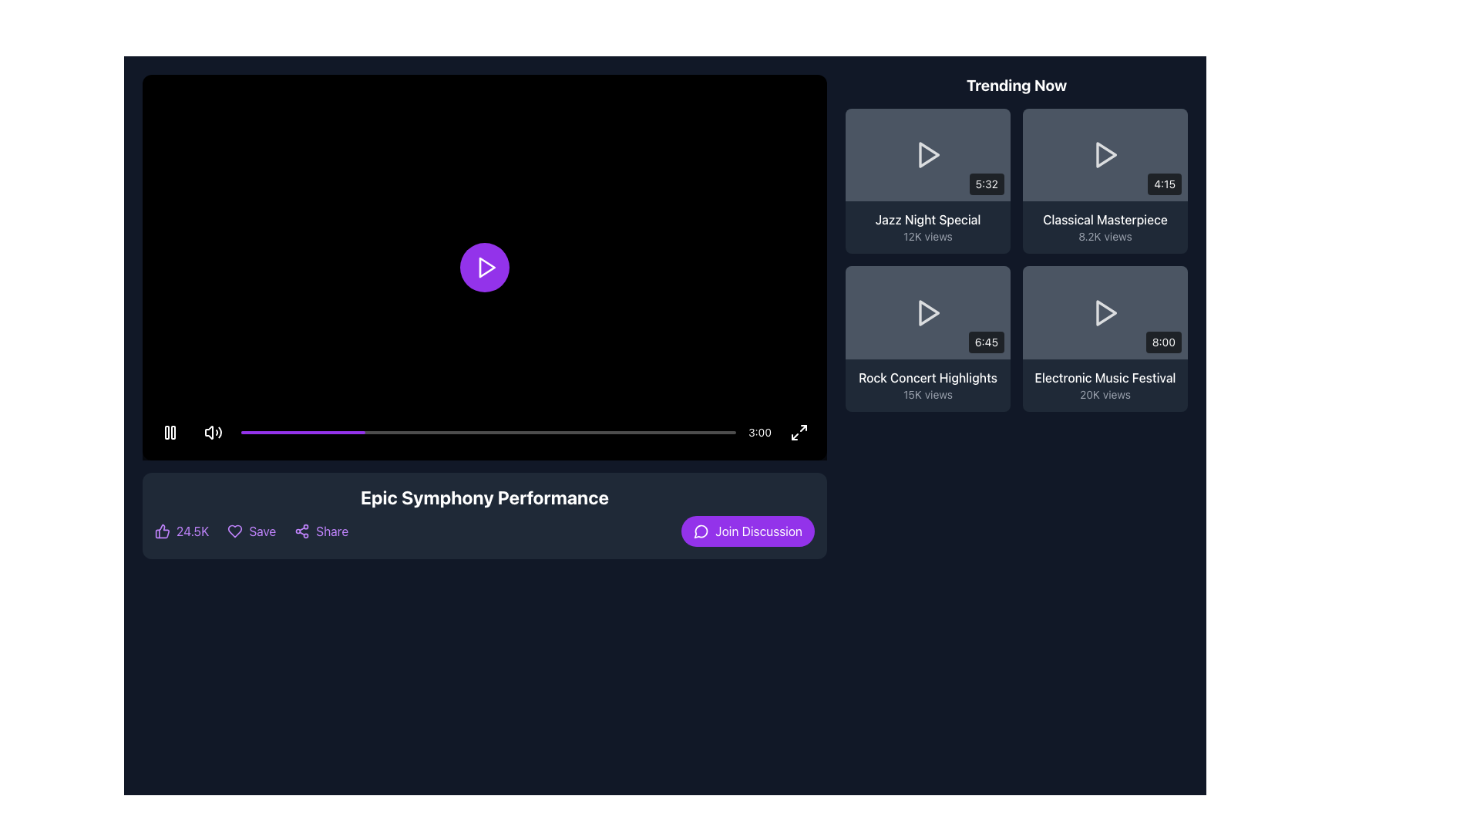  I want to click on the video playback progress, so click(370, 432).